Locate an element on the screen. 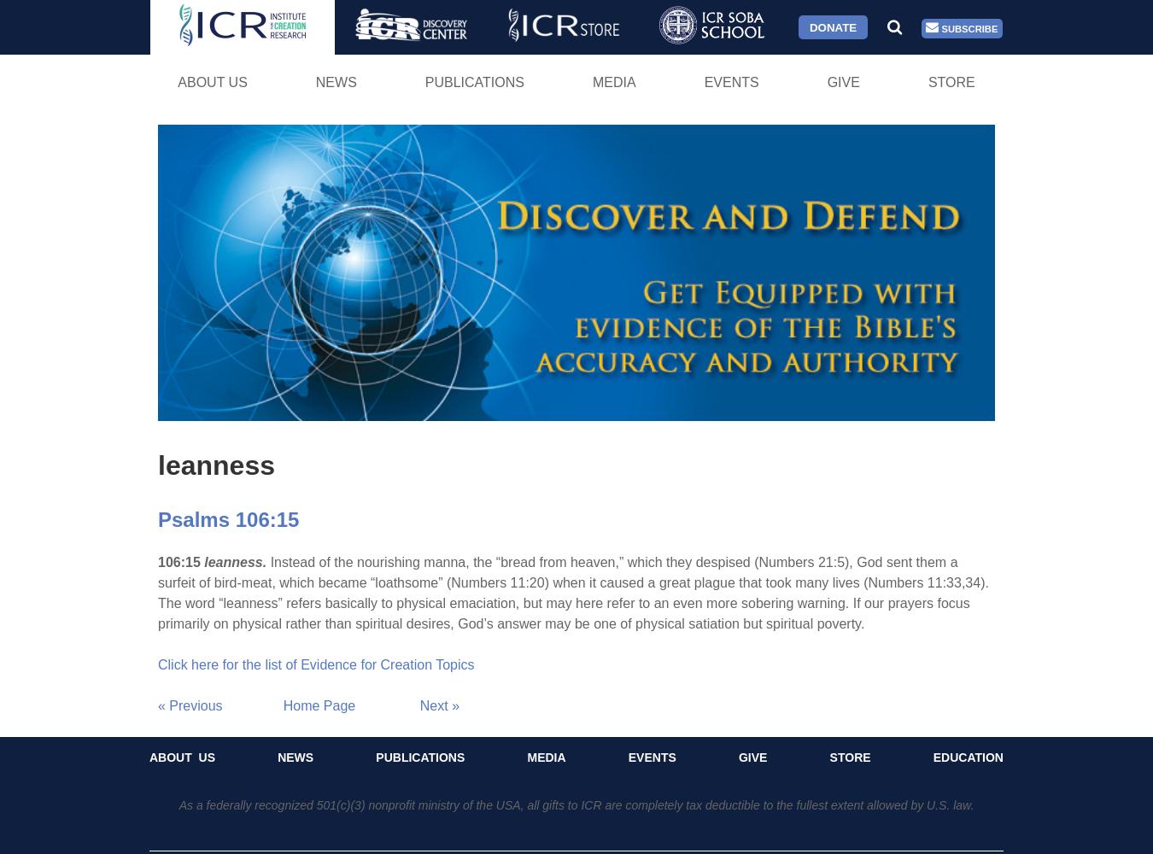 The image size is (1153, 854). 'Home Page' is located at coordinates (319, 704).